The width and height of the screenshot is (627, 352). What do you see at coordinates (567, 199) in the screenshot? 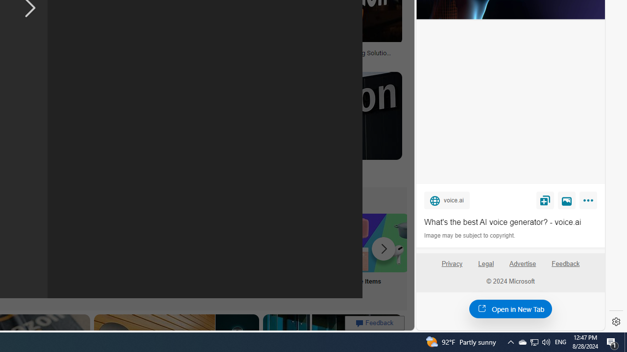
I see `'View image'` at bounding box center [567, 199].